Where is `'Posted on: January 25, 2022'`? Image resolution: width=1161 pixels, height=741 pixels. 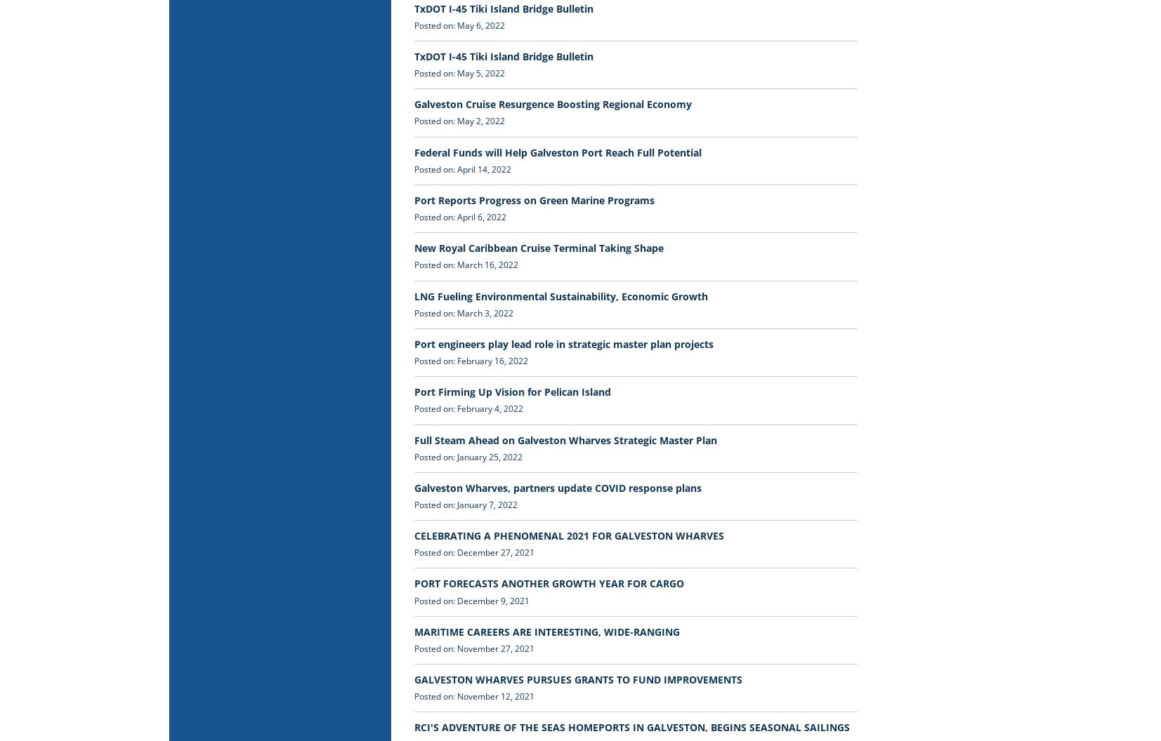 'Posted on: January 25, 2022' is located at coordinates (467, 455).